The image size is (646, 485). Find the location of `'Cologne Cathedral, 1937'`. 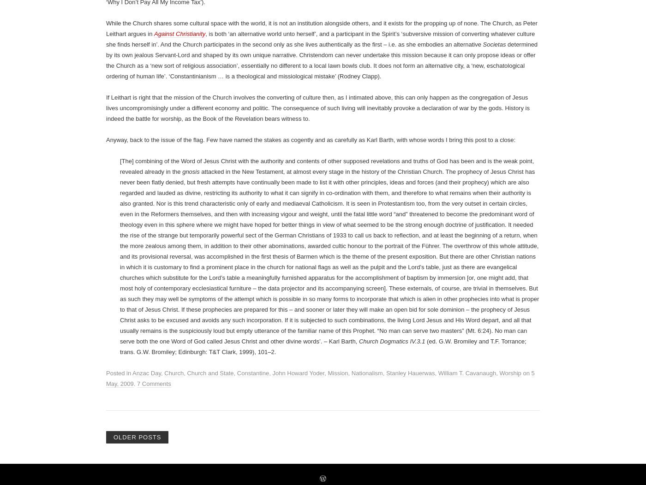

'Cologne Cathedral, 1937' is located at coordinates (476, 61).